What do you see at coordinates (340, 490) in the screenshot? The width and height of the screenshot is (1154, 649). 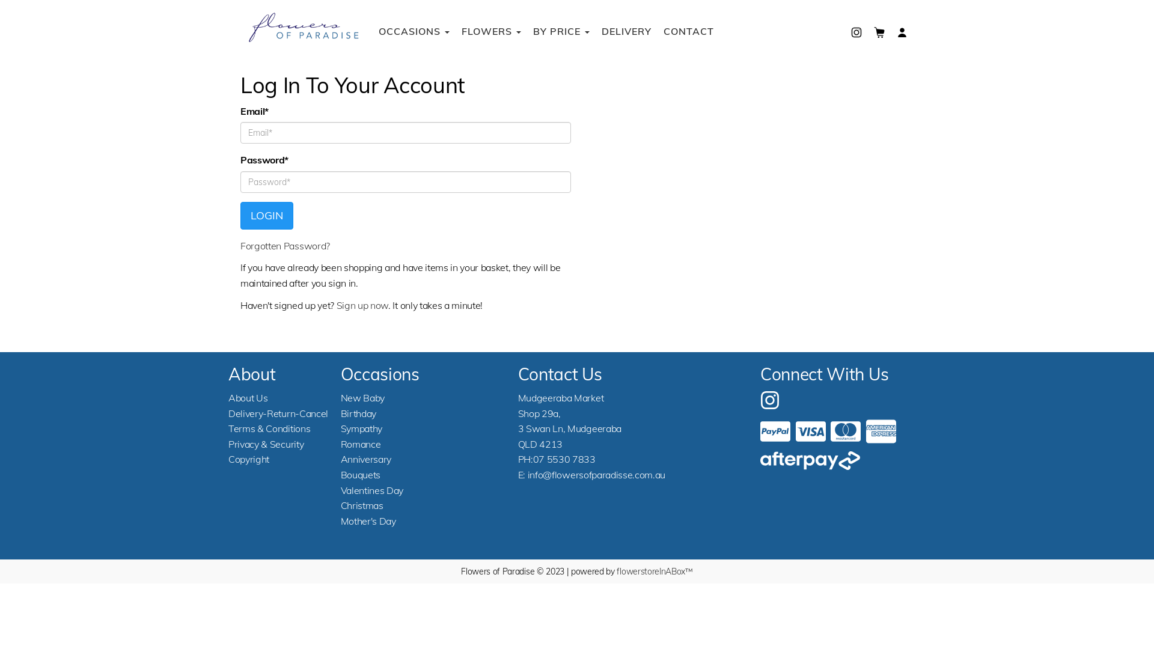 I see `'Valentines Day'` at bounding box center [340, 490].